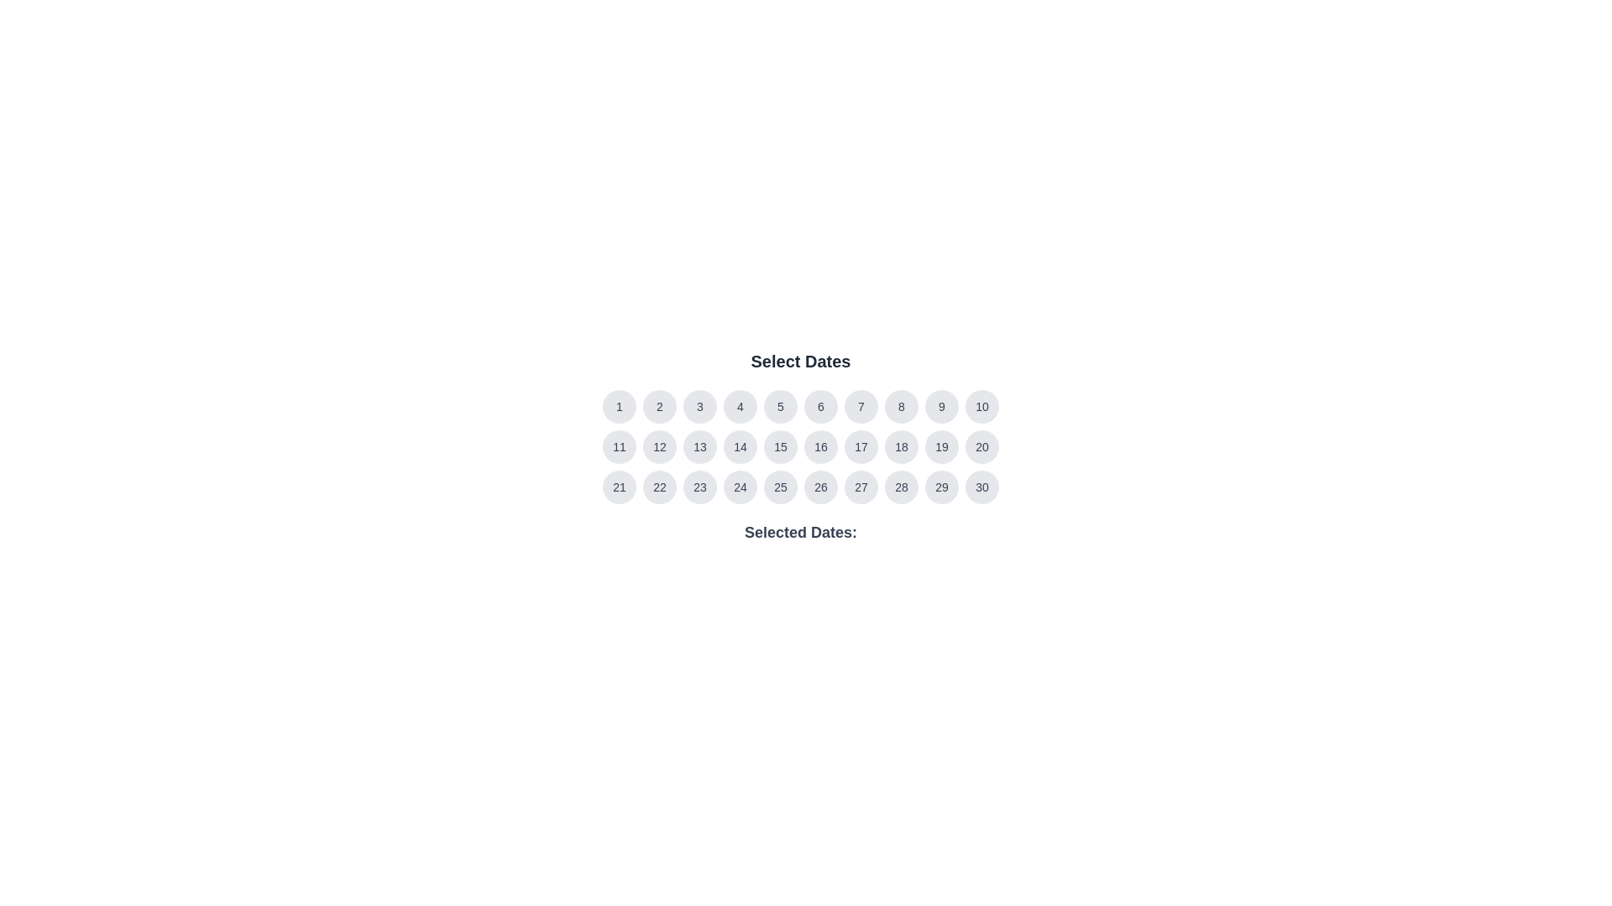  Describe the element at coordinates (942, 487) in the screenshot. I see `the selectable date button` at that location.